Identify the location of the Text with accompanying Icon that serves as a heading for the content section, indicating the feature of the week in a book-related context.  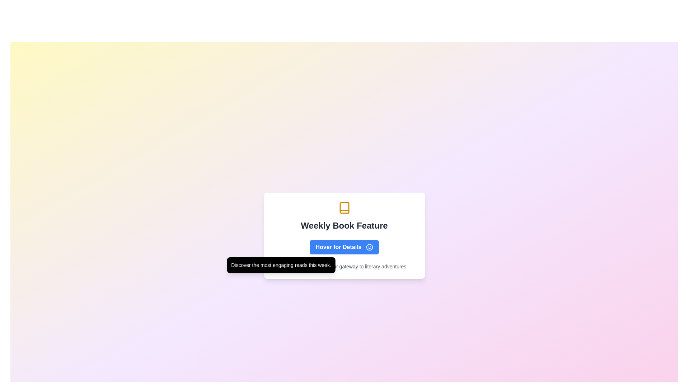
(344, 216).